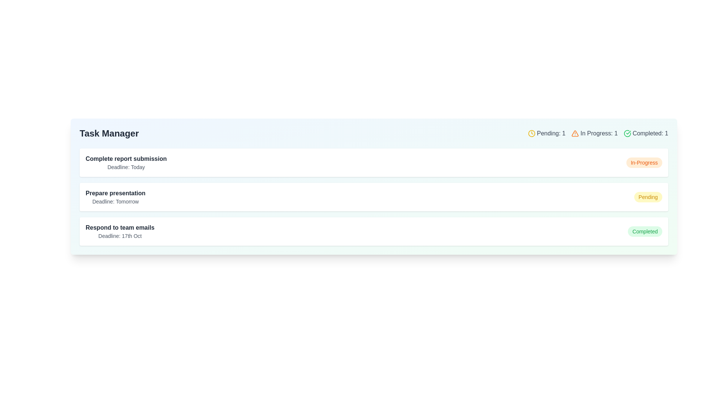  I want to click on status badge indicating the current task state, which is 'Pending', located at the right-most side of the task management interface next to the 'Prepare presentation Deadline: Tomorrow' text, so click(648, 197).